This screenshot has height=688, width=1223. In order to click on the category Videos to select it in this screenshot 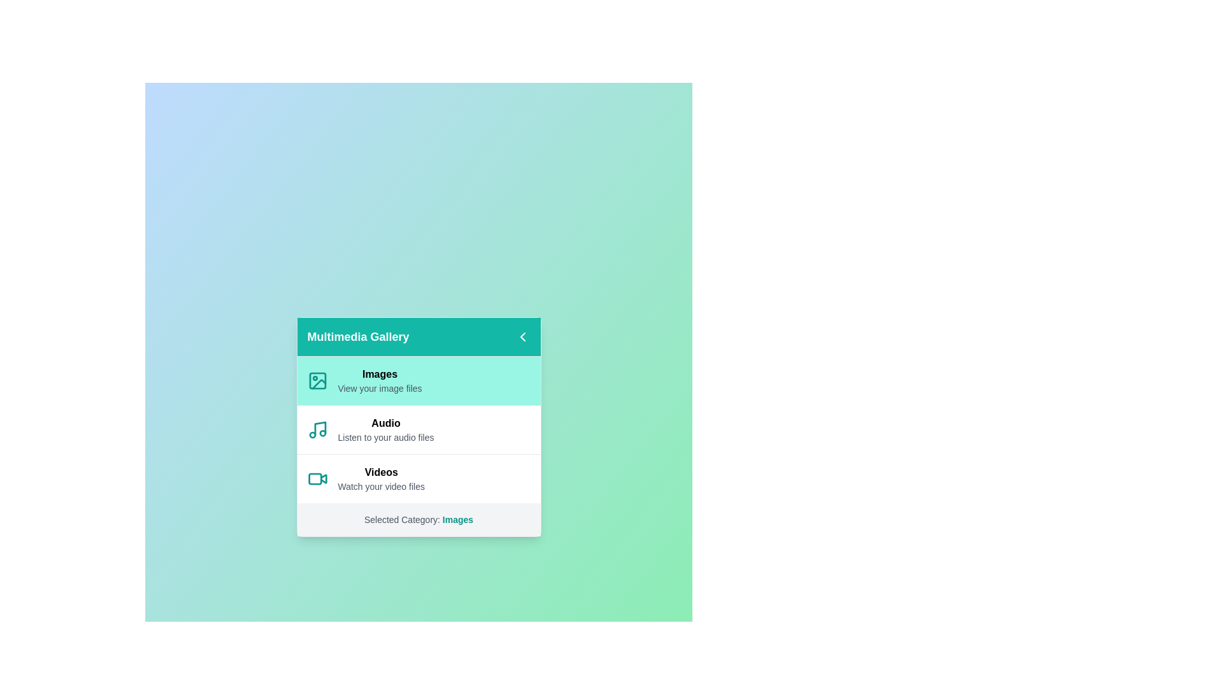, I will do `click(418, 478)`.